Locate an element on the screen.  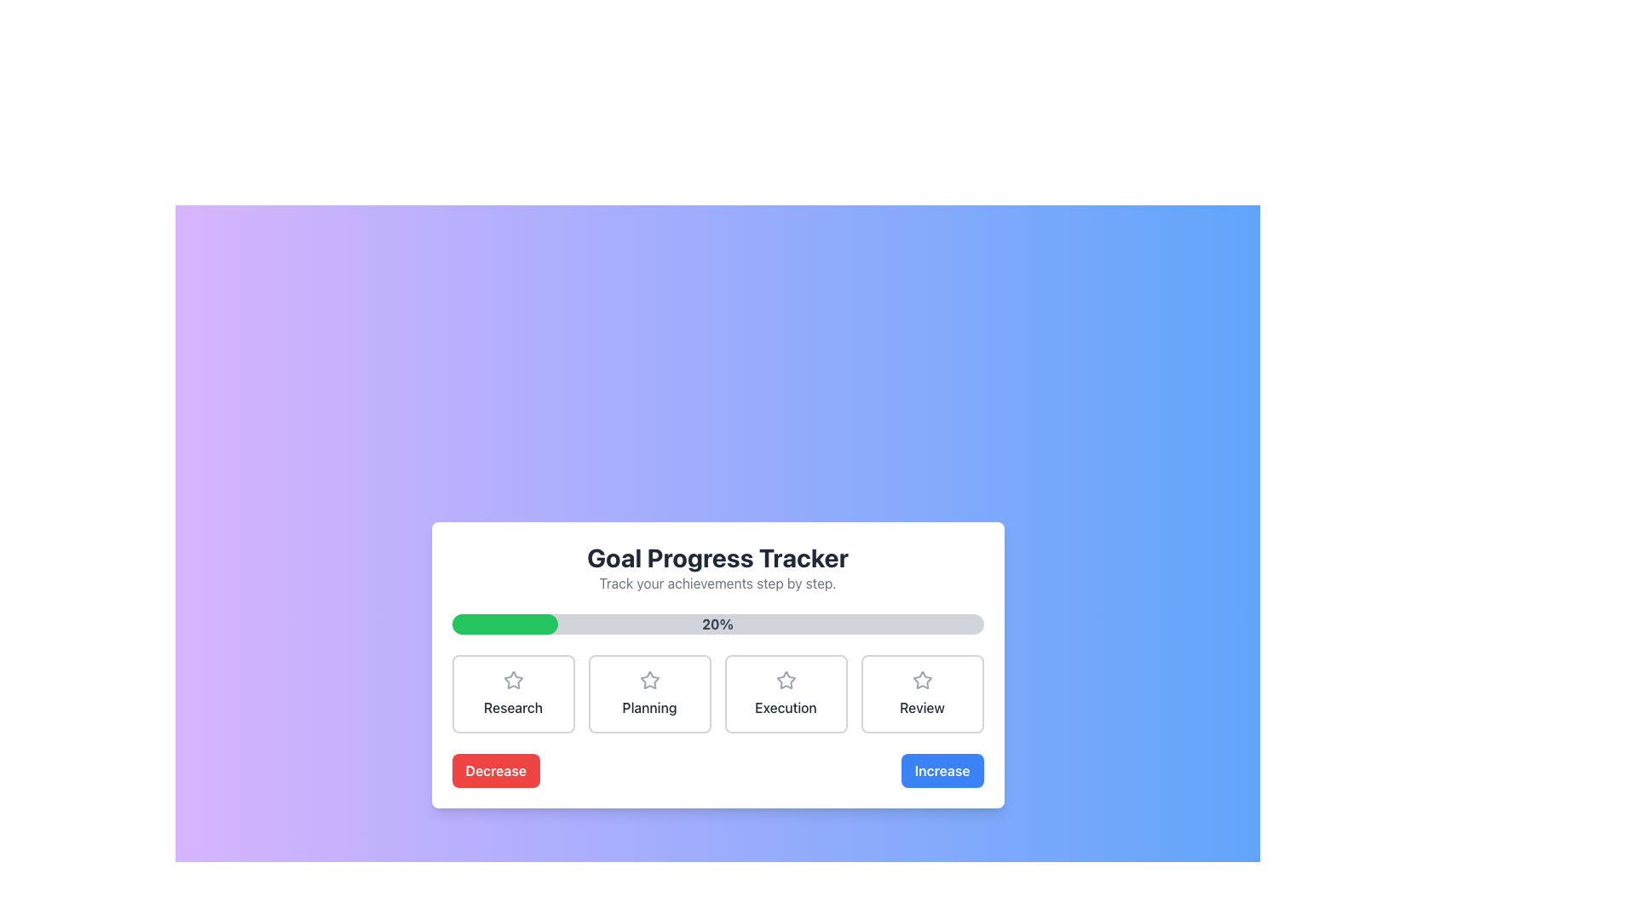
the star icon with a gray outline located above the text 'Research' in the Research section of the interface is located at coordinates (512, 679).